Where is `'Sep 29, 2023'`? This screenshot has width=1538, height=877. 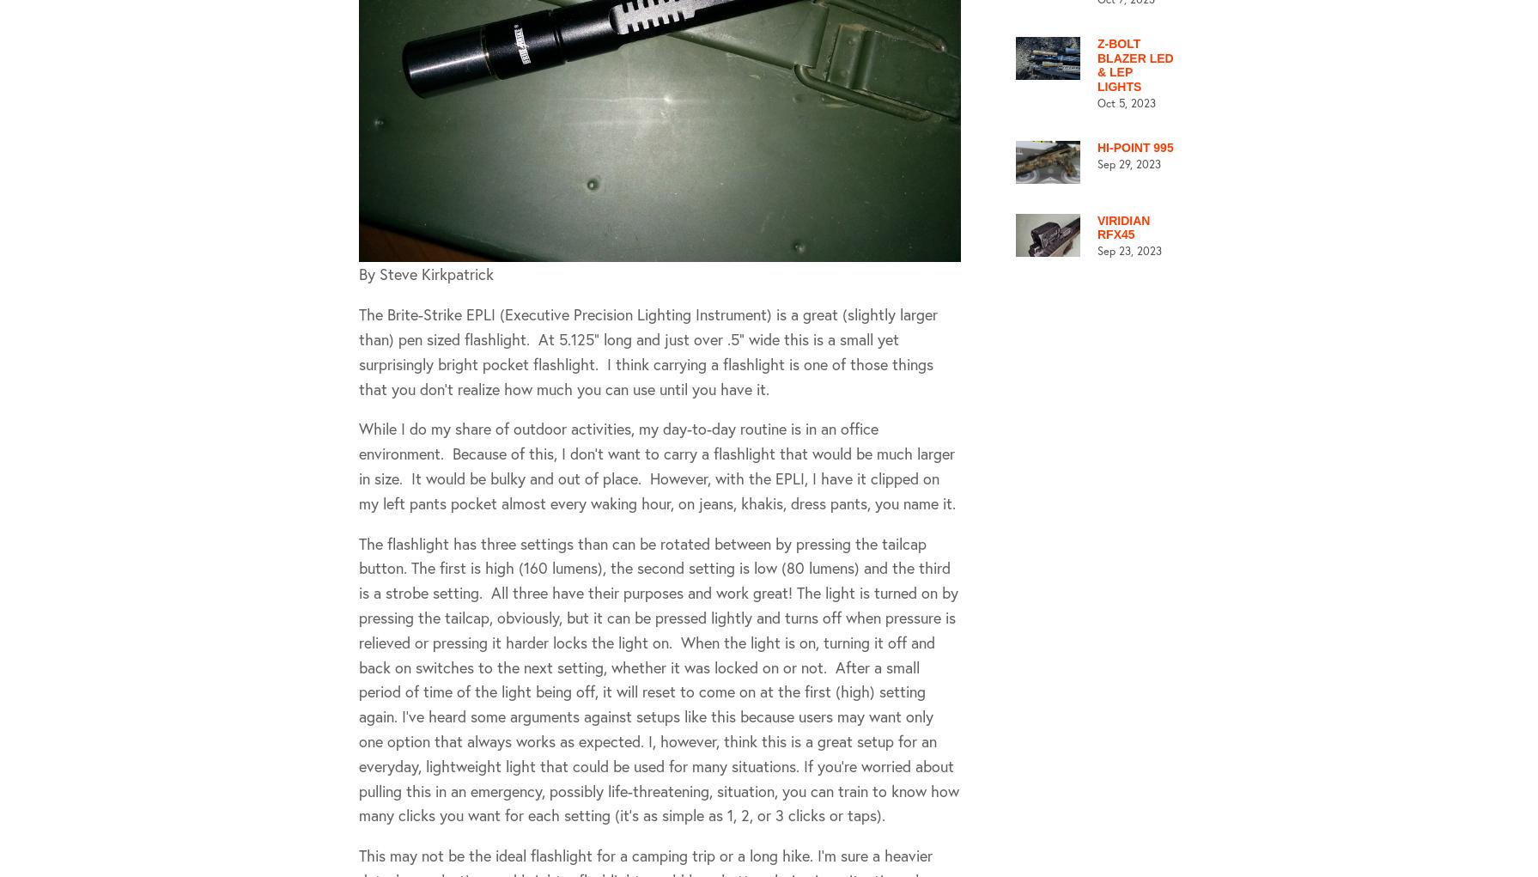
'Sep 29, 2023' is located at coordinates (1128, 163).